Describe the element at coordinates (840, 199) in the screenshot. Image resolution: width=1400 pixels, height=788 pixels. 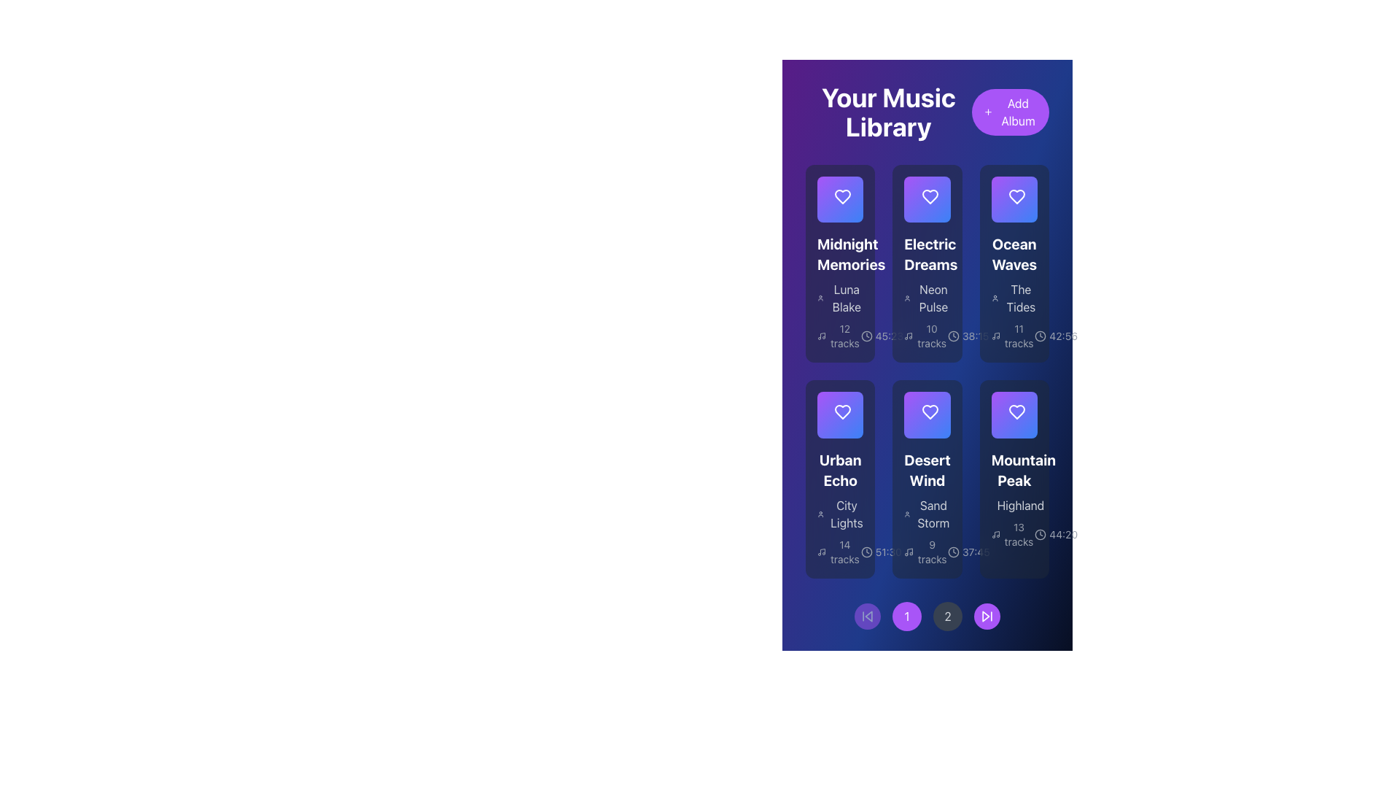
I see `the SVG Icon in the top-left corner of the 'Midnight Memories' album entry to initiate playback` at that location.